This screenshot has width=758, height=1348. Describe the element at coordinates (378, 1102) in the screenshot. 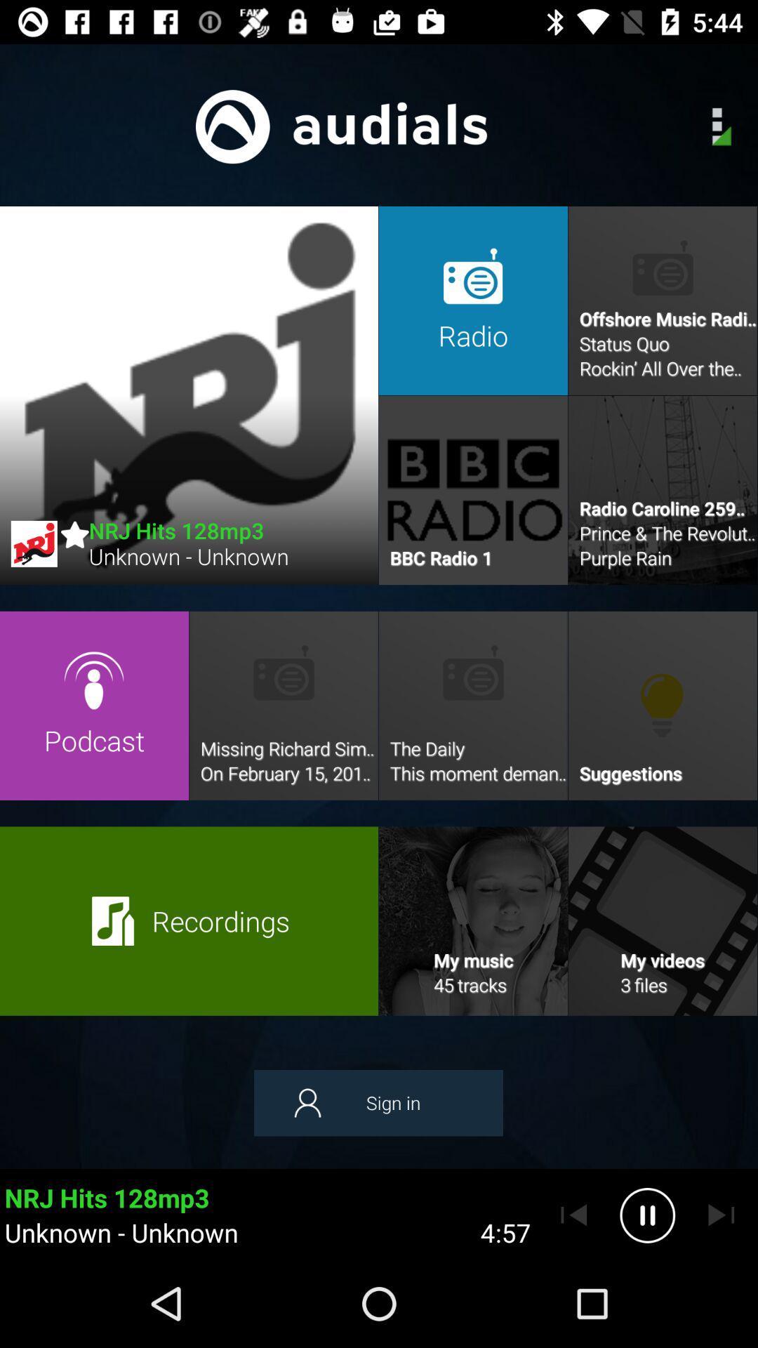

I see `the sign in` at that location.